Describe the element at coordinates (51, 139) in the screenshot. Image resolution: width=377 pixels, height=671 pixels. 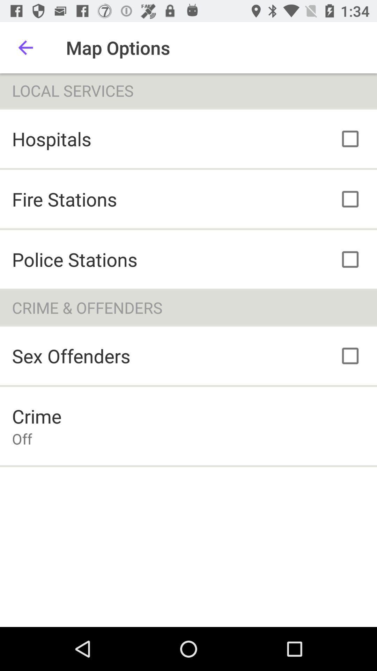
I see `the icon below local services` at that location.